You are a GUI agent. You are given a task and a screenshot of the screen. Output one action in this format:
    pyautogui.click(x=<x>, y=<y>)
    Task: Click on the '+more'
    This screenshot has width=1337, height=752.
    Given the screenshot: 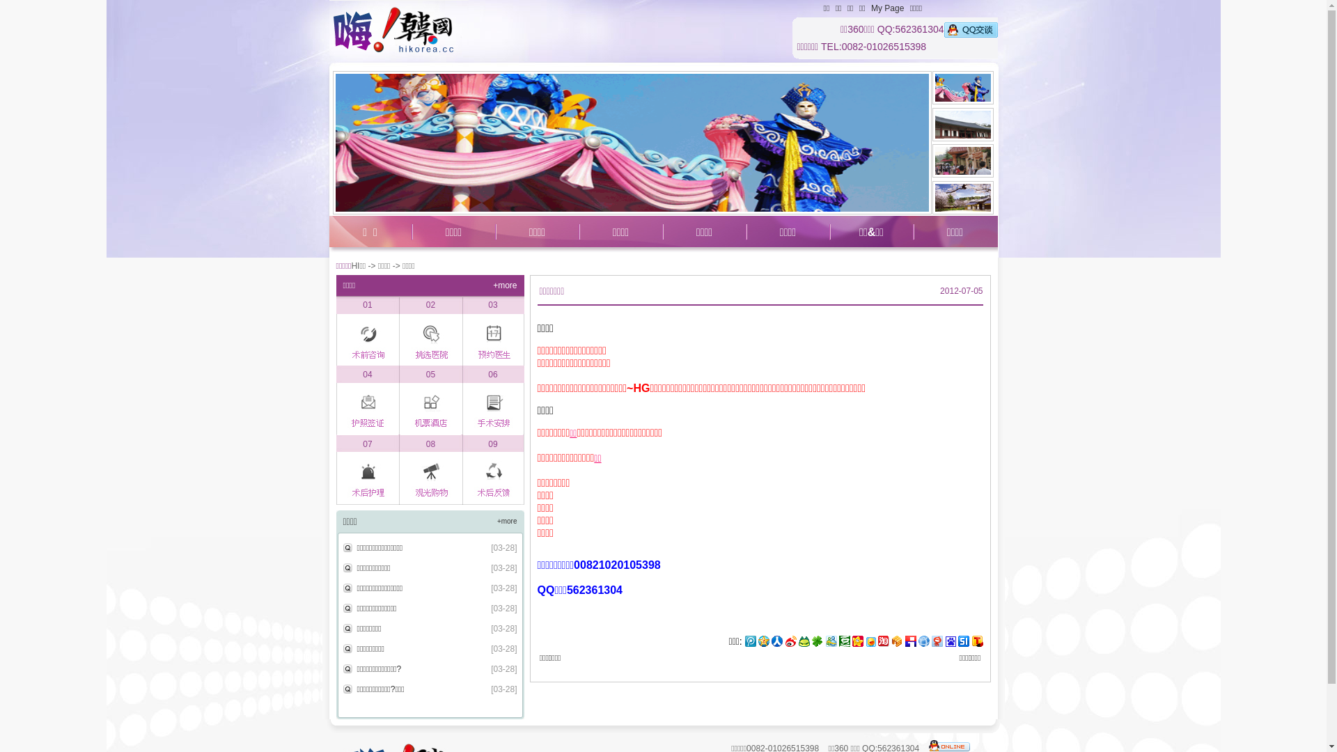 What is the action you would take?
    pyautogui.click(x=506, y=521)
    